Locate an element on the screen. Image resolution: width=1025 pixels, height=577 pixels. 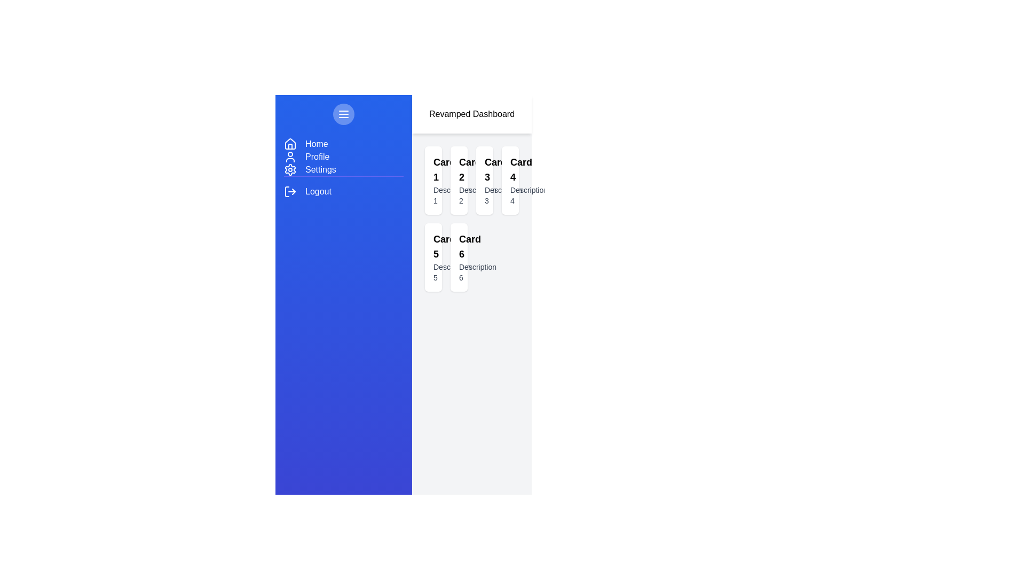
the menu button with three parallel horizontal lines located at the top center of the blue navigation bar is located at coordinates (343, 114).